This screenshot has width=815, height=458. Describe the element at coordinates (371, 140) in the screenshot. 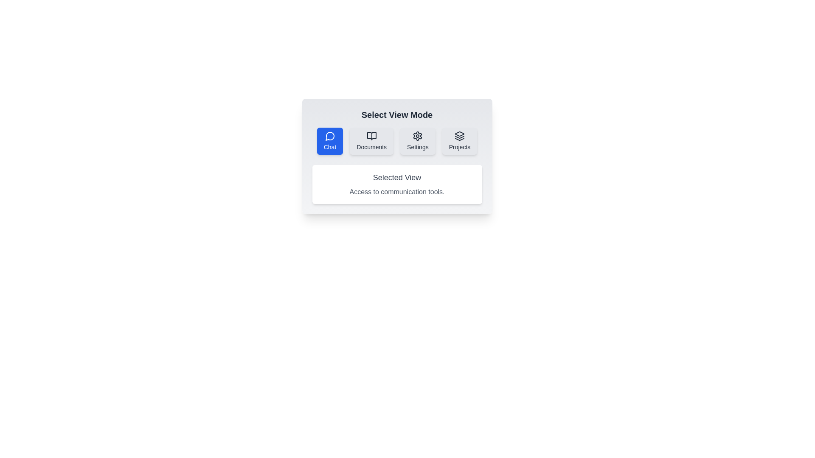

I see `the button labeled 'Documents' to observe its hover effect` at that location.